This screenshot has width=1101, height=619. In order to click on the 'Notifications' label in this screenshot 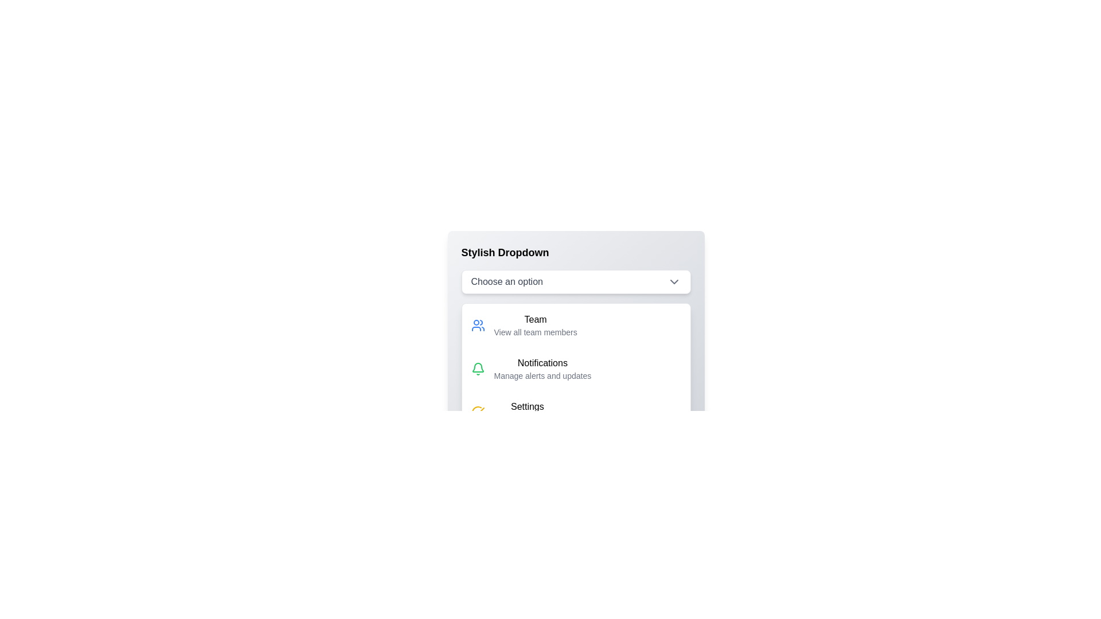, I will do `click(542, 363)`.